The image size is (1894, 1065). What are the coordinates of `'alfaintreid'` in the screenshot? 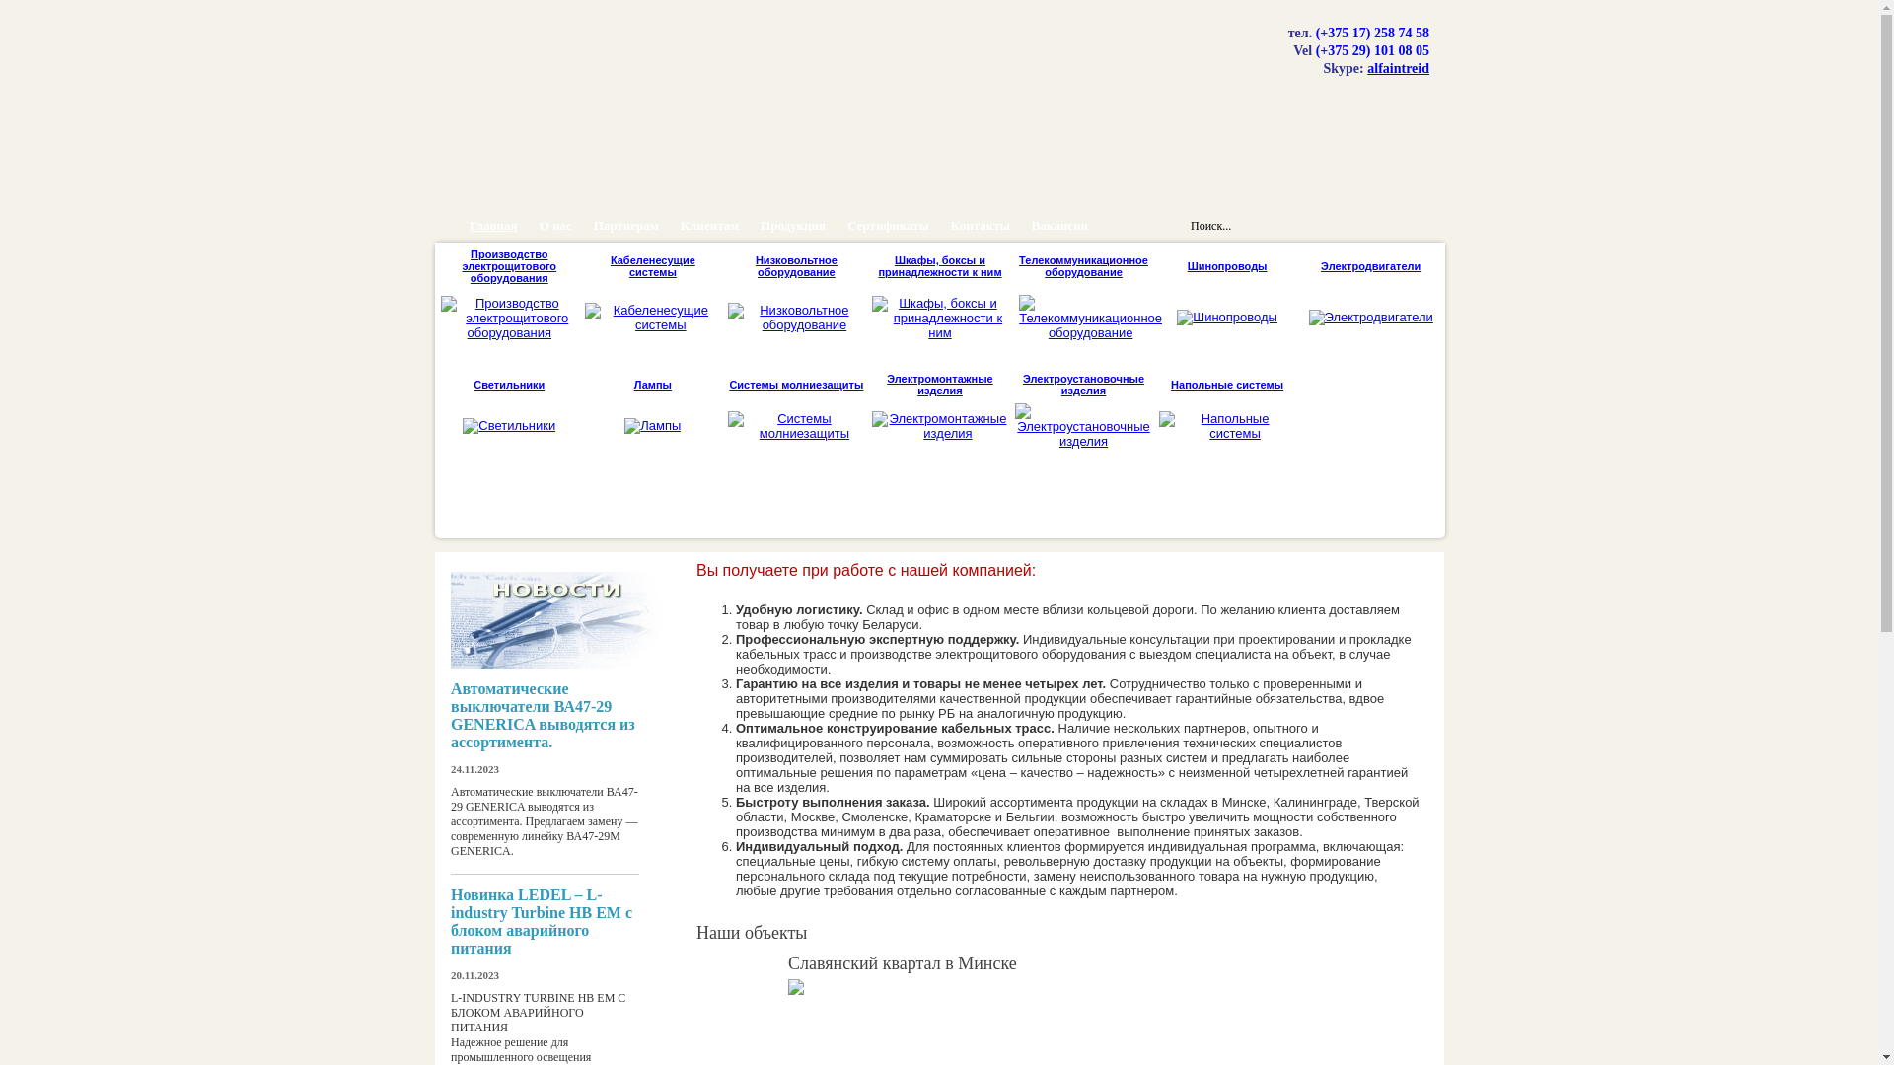 It's located at (1397, 67).